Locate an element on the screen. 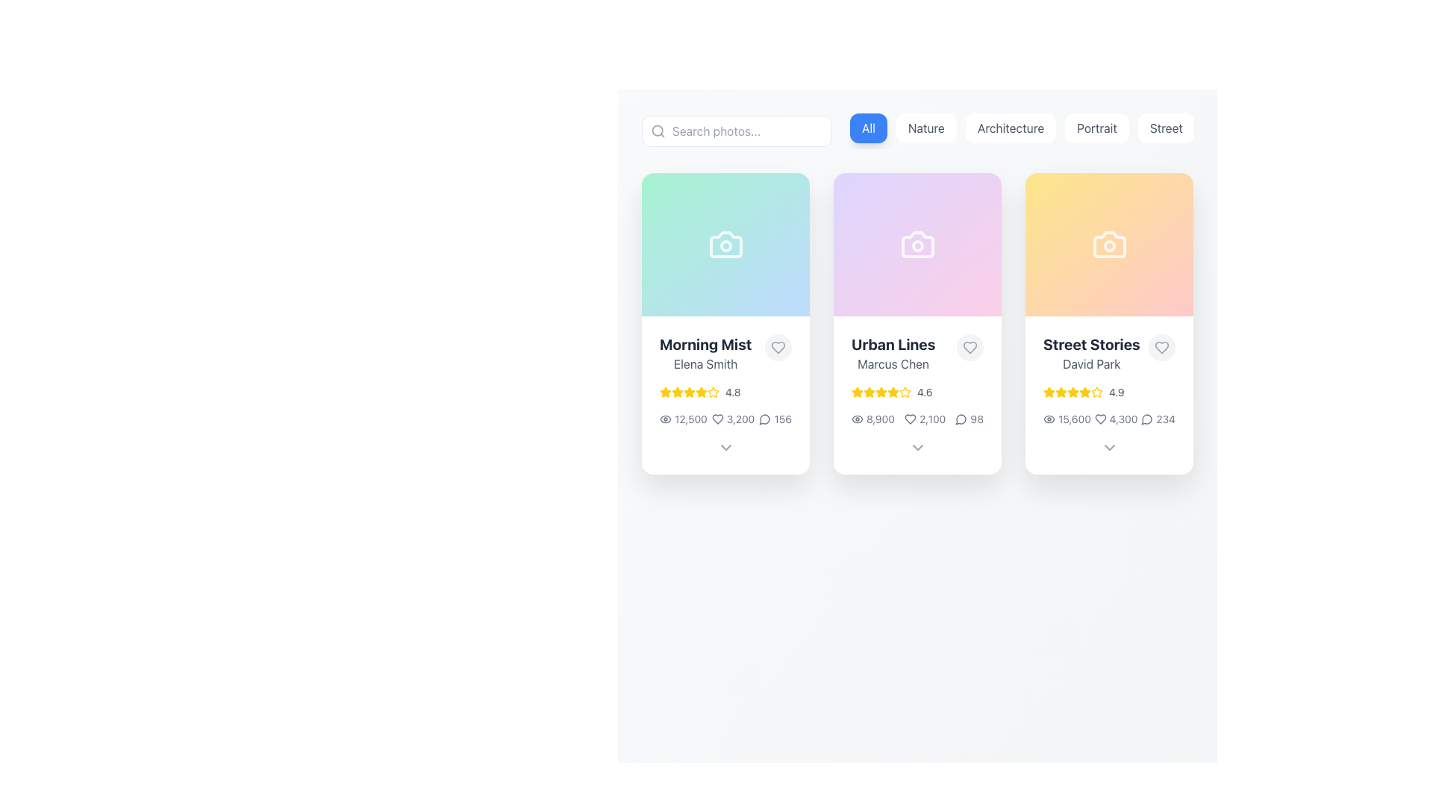  the numeric value '234' in the speech bubble icon text combination located in the bottom-right corner of the 'Street Stories' card is located at coordinates (1158, 419).